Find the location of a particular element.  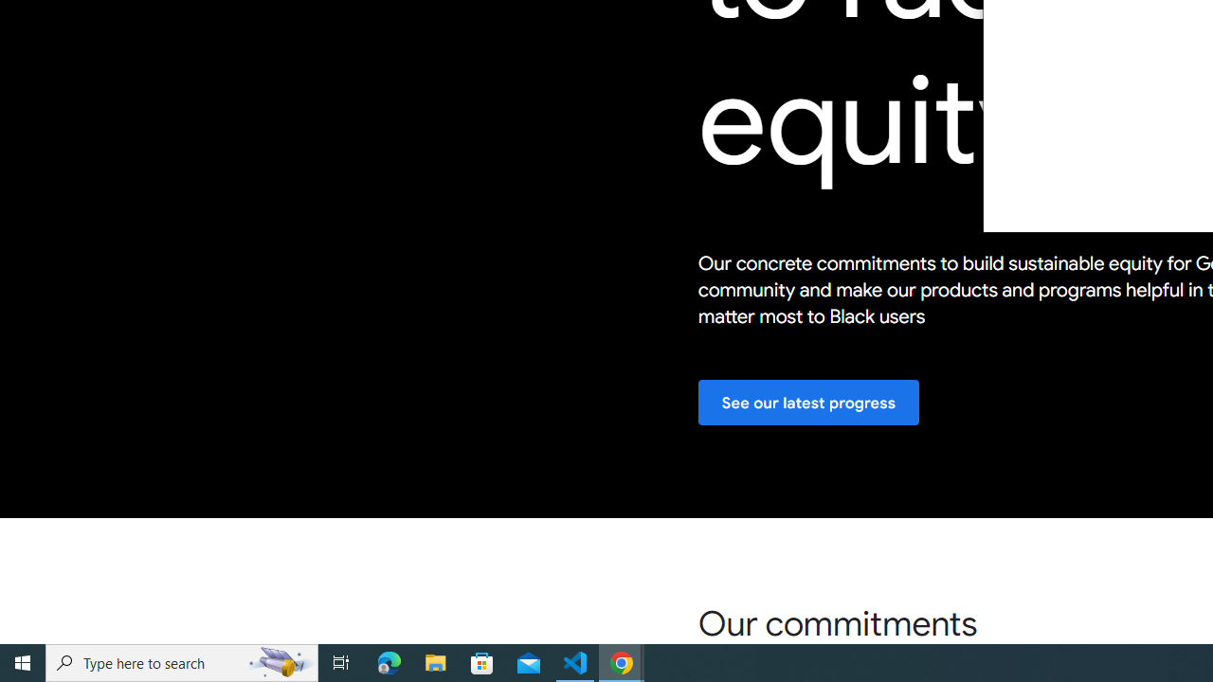

'Start' is located at coordinates (23, 661).